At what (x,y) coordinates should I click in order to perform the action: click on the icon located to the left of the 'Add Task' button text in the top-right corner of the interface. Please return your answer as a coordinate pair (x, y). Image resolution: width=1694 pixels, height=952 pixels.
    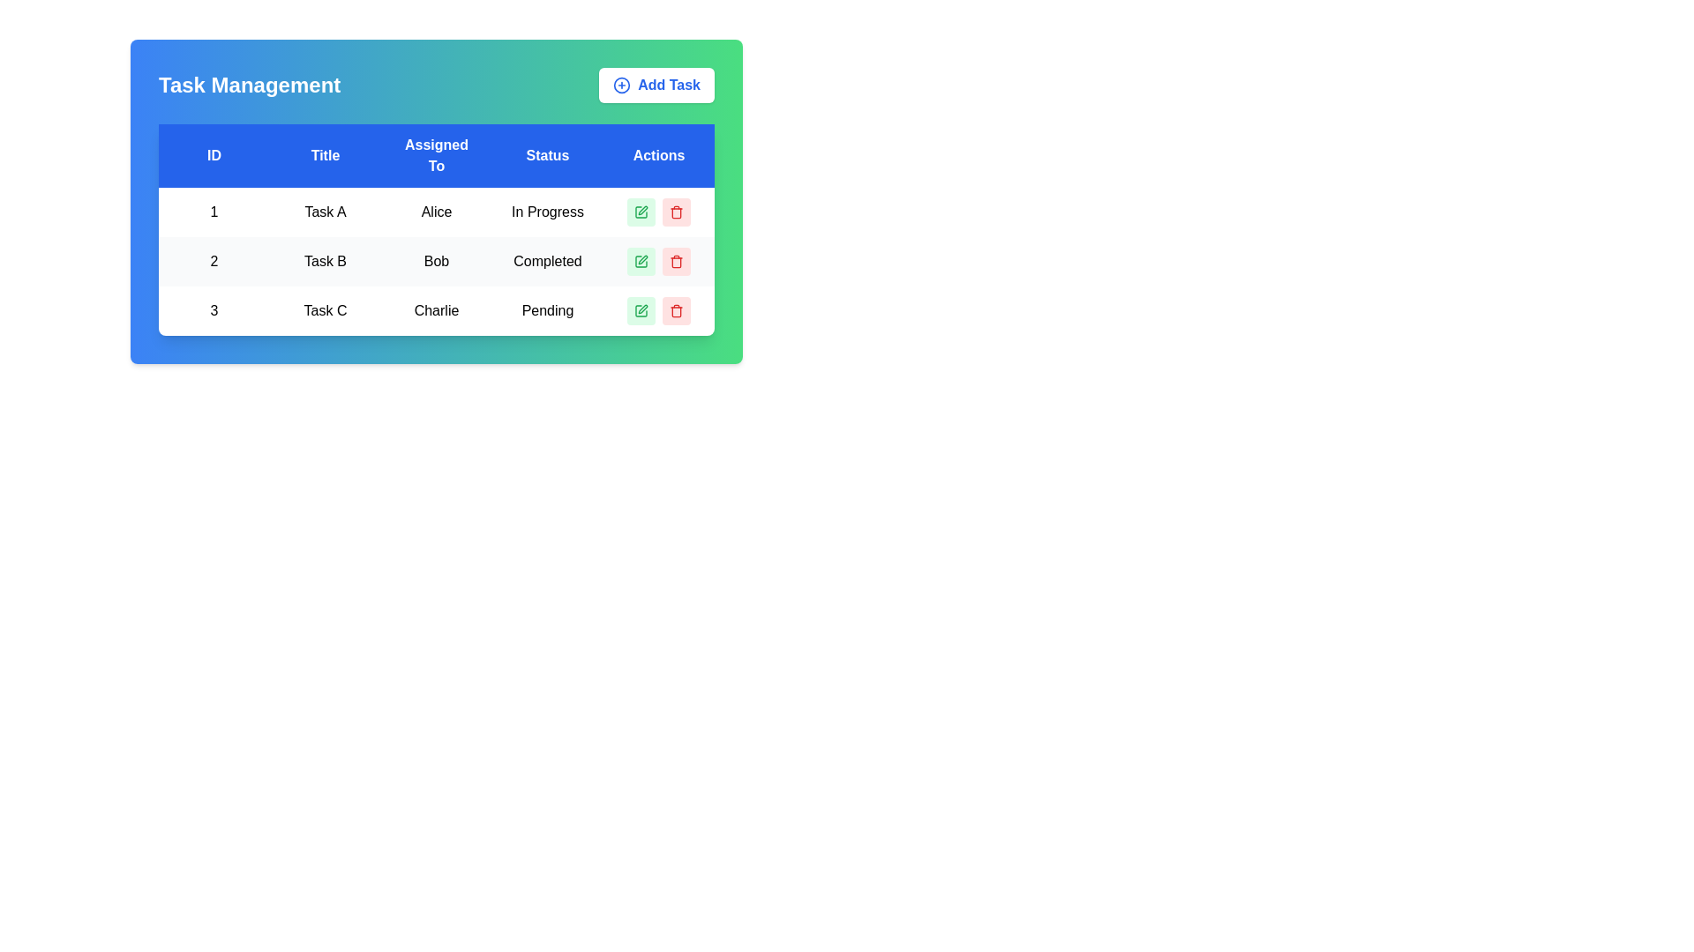
    Looking at the image, I should click on (622, 85).